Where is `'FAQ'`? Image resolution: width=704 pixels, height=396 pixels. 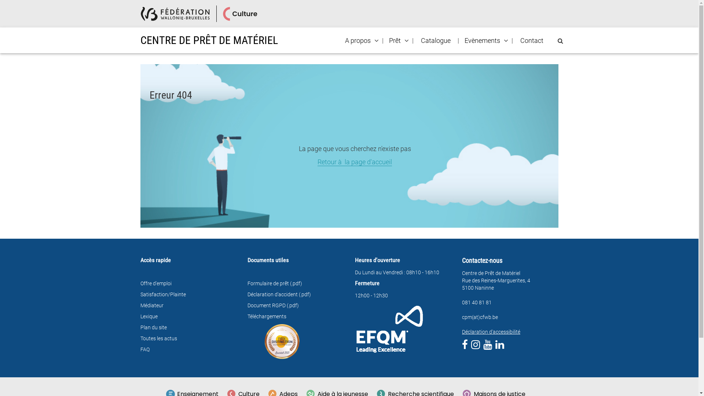 'FAQ' is located at coordinates (144, 349).